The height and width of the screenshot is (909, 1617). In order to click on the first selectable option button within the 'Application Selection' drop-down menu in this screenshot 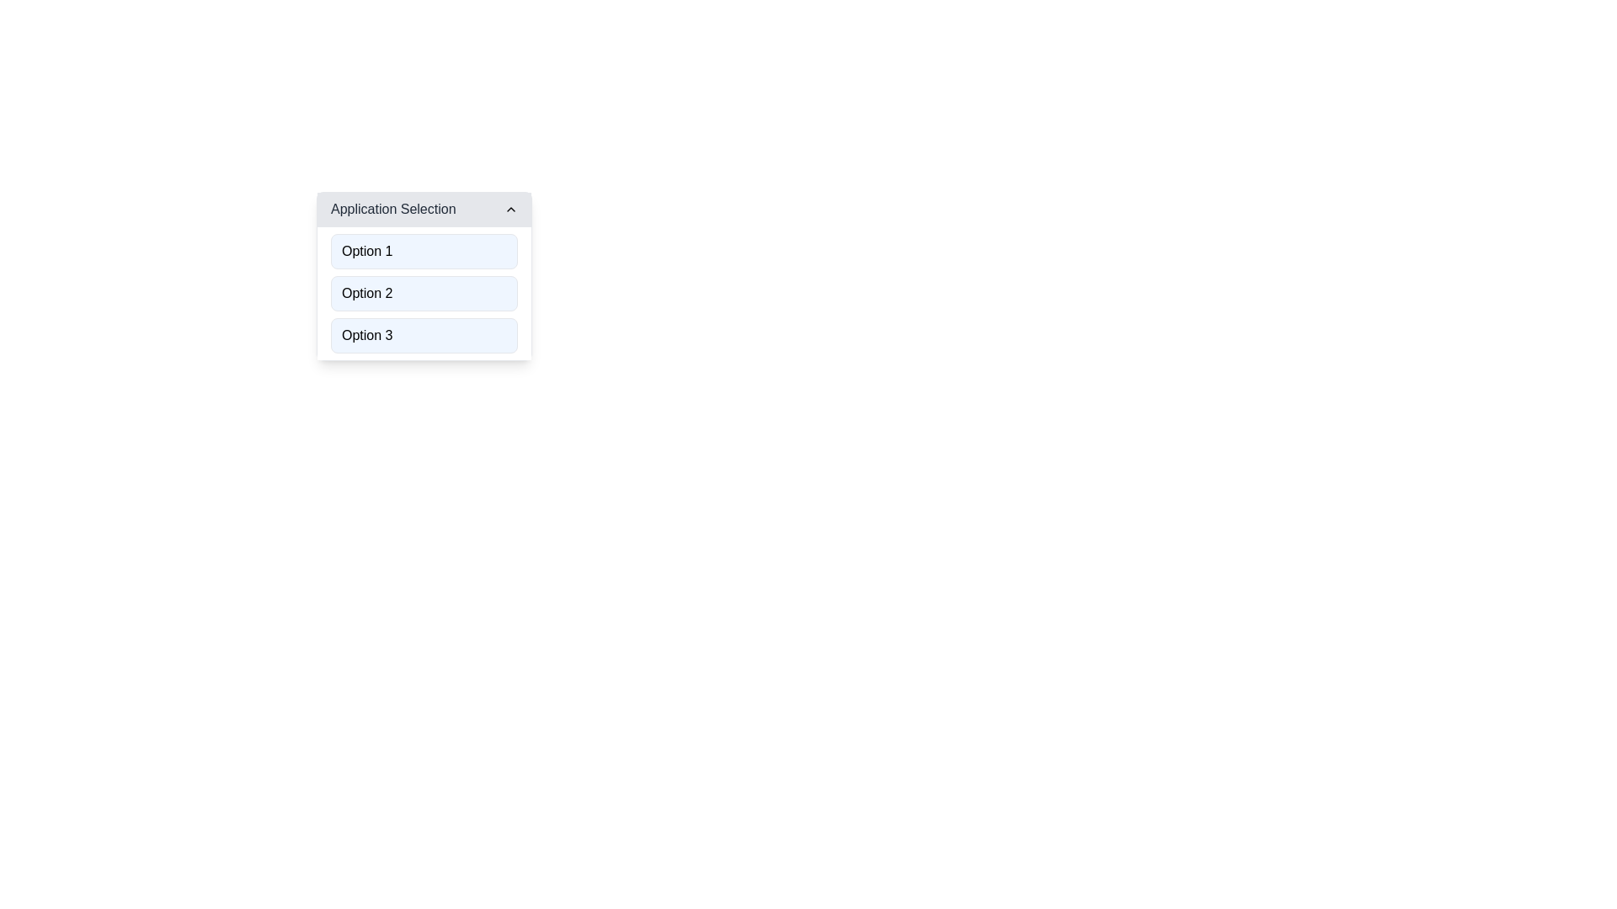, I will do `click(424, 252)`.